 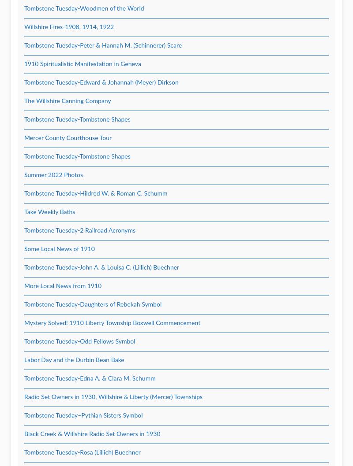 I want to click on 'Tombstone Tuesday-Woodmen of the World', so click(x=83, y=8).